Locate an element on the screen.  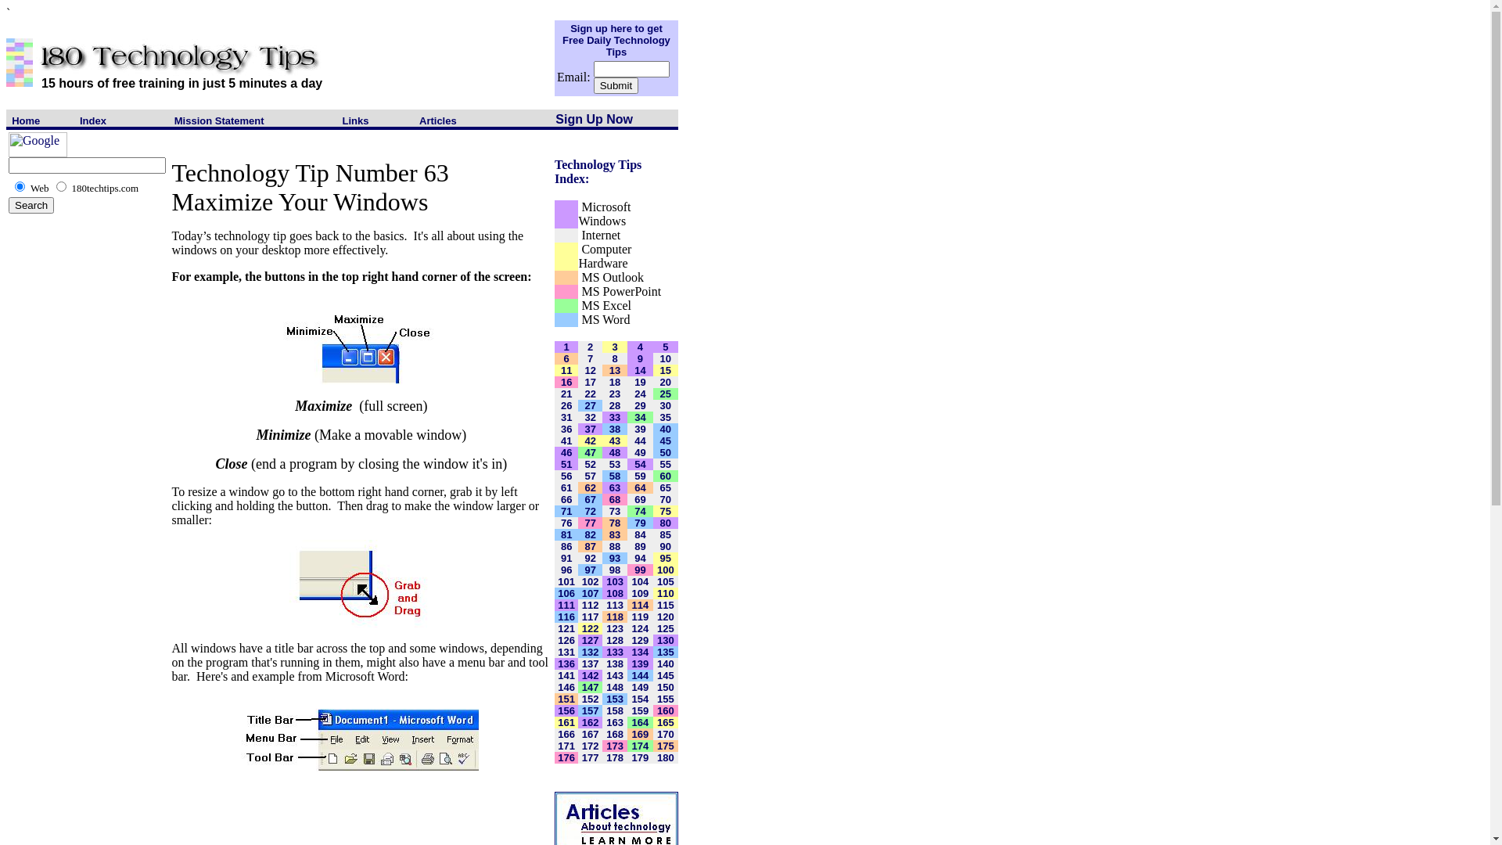
'86' is located at coordinates (566, 545).